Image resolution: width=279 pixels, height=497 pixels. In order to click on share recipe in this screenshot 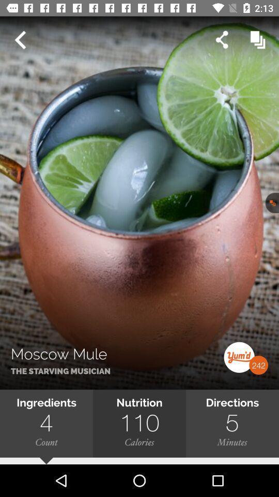, I will do `click(221, 40)`.